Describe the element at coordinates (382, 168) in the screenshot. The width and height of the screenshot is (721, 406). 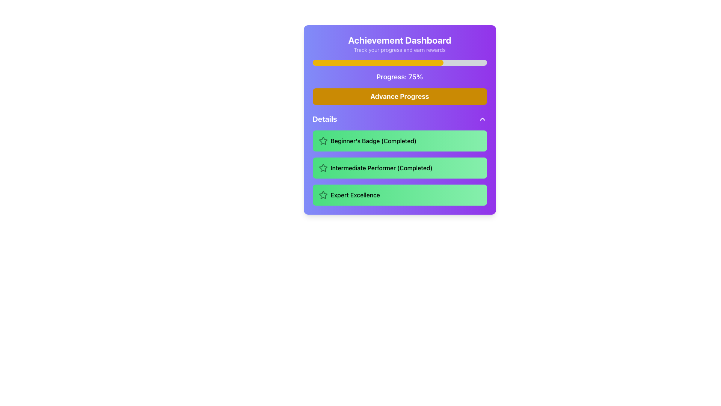
I see `the textual label displaying 'Intermediate Performer (Completed)' which is styled in medium font weight on a bright green background, located within the second card of the 'Details' section` at that location.